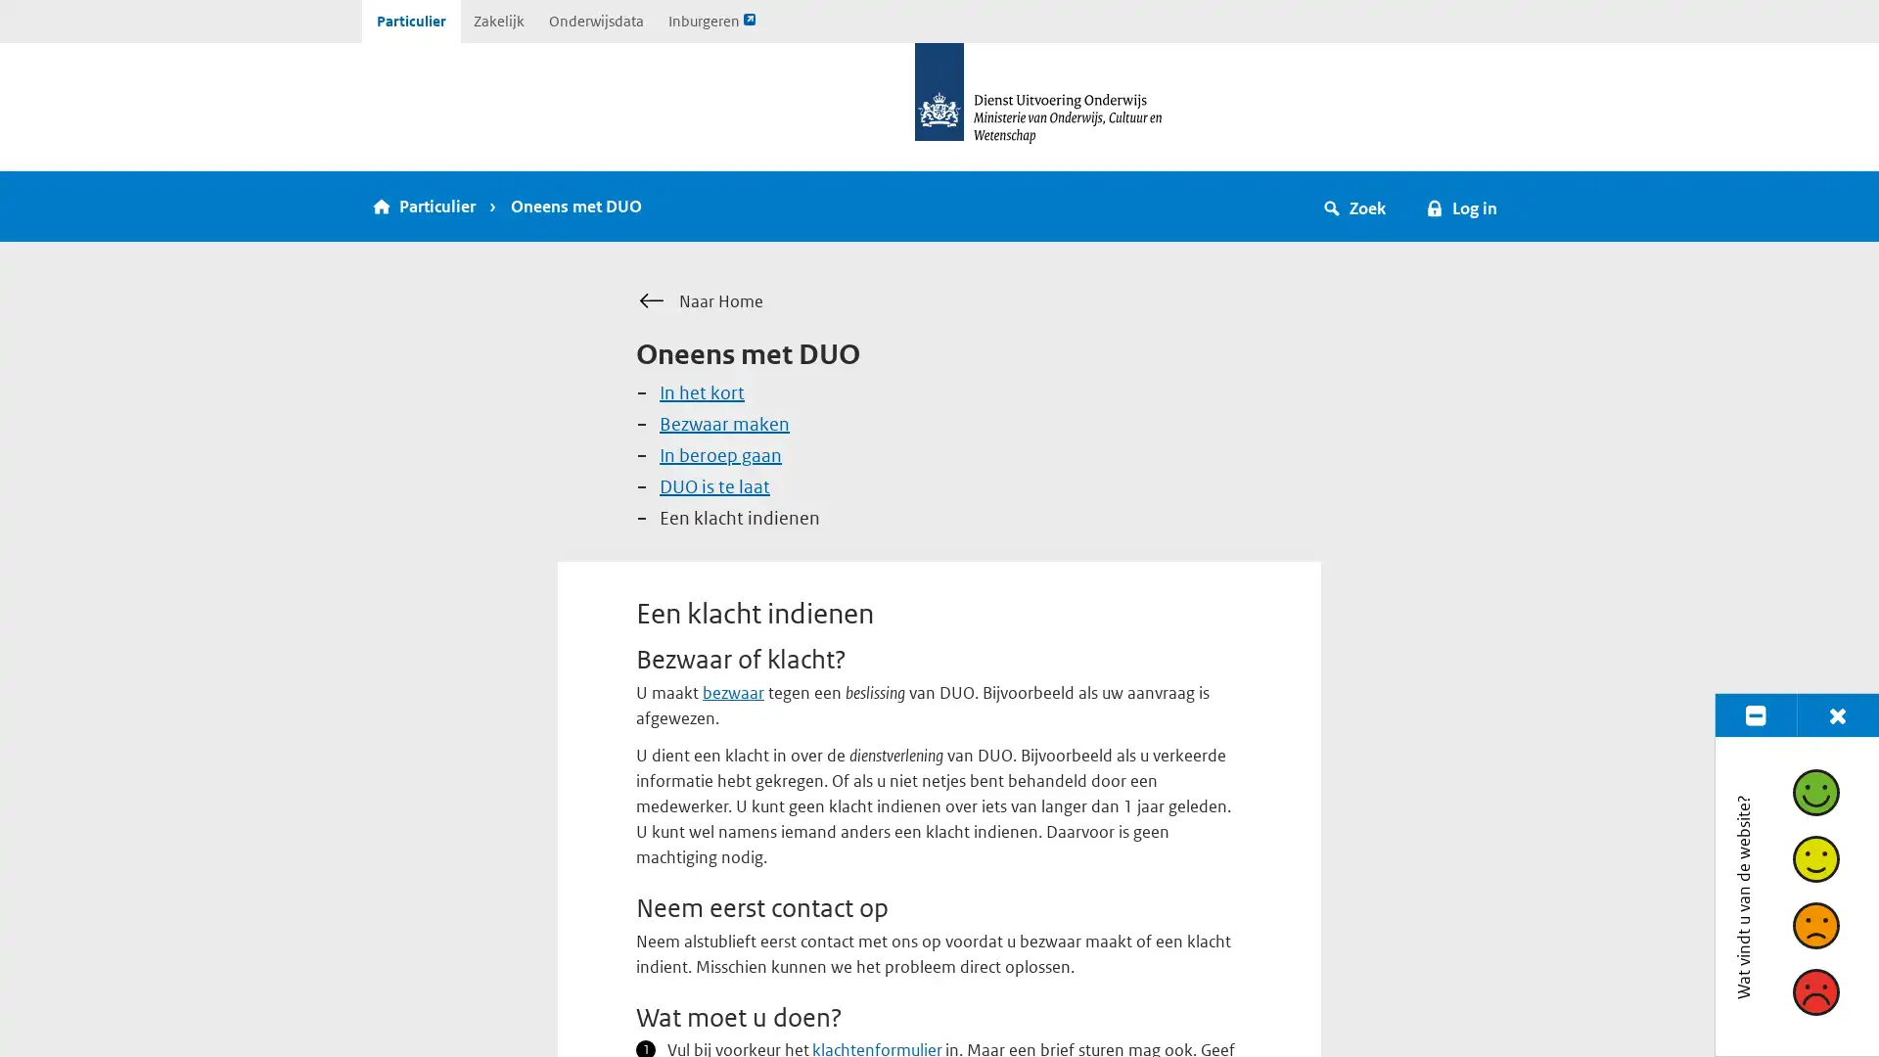 Image resolution: width=1879 pixels, height=1057 pixels. I want to click on Redelijk, so click(1813, 856).